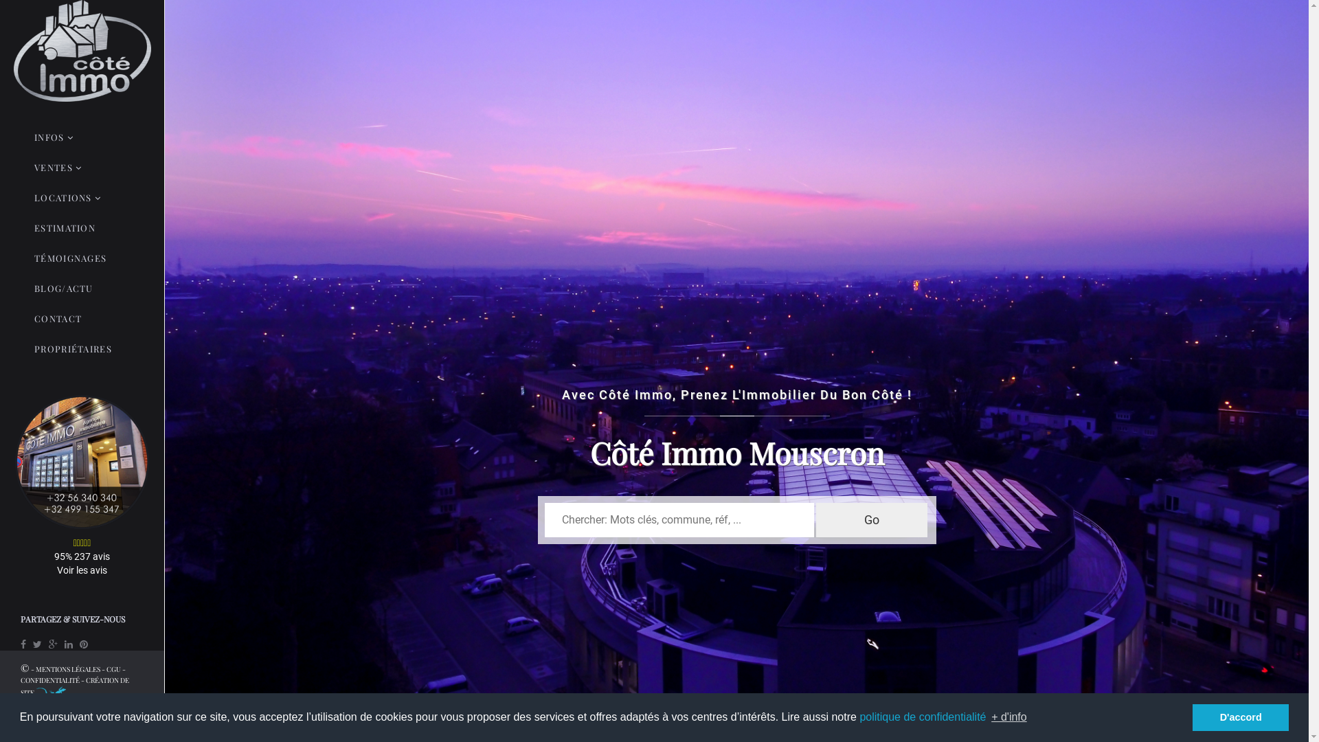 Image resolution: width=1319 pixels, height=742 pixels. I want to click on 'CGU', so click(113, 668).